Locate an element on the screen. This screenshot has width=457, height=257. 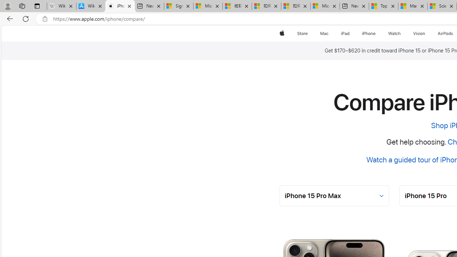
'Vision' is located at coordinates (420, 33).